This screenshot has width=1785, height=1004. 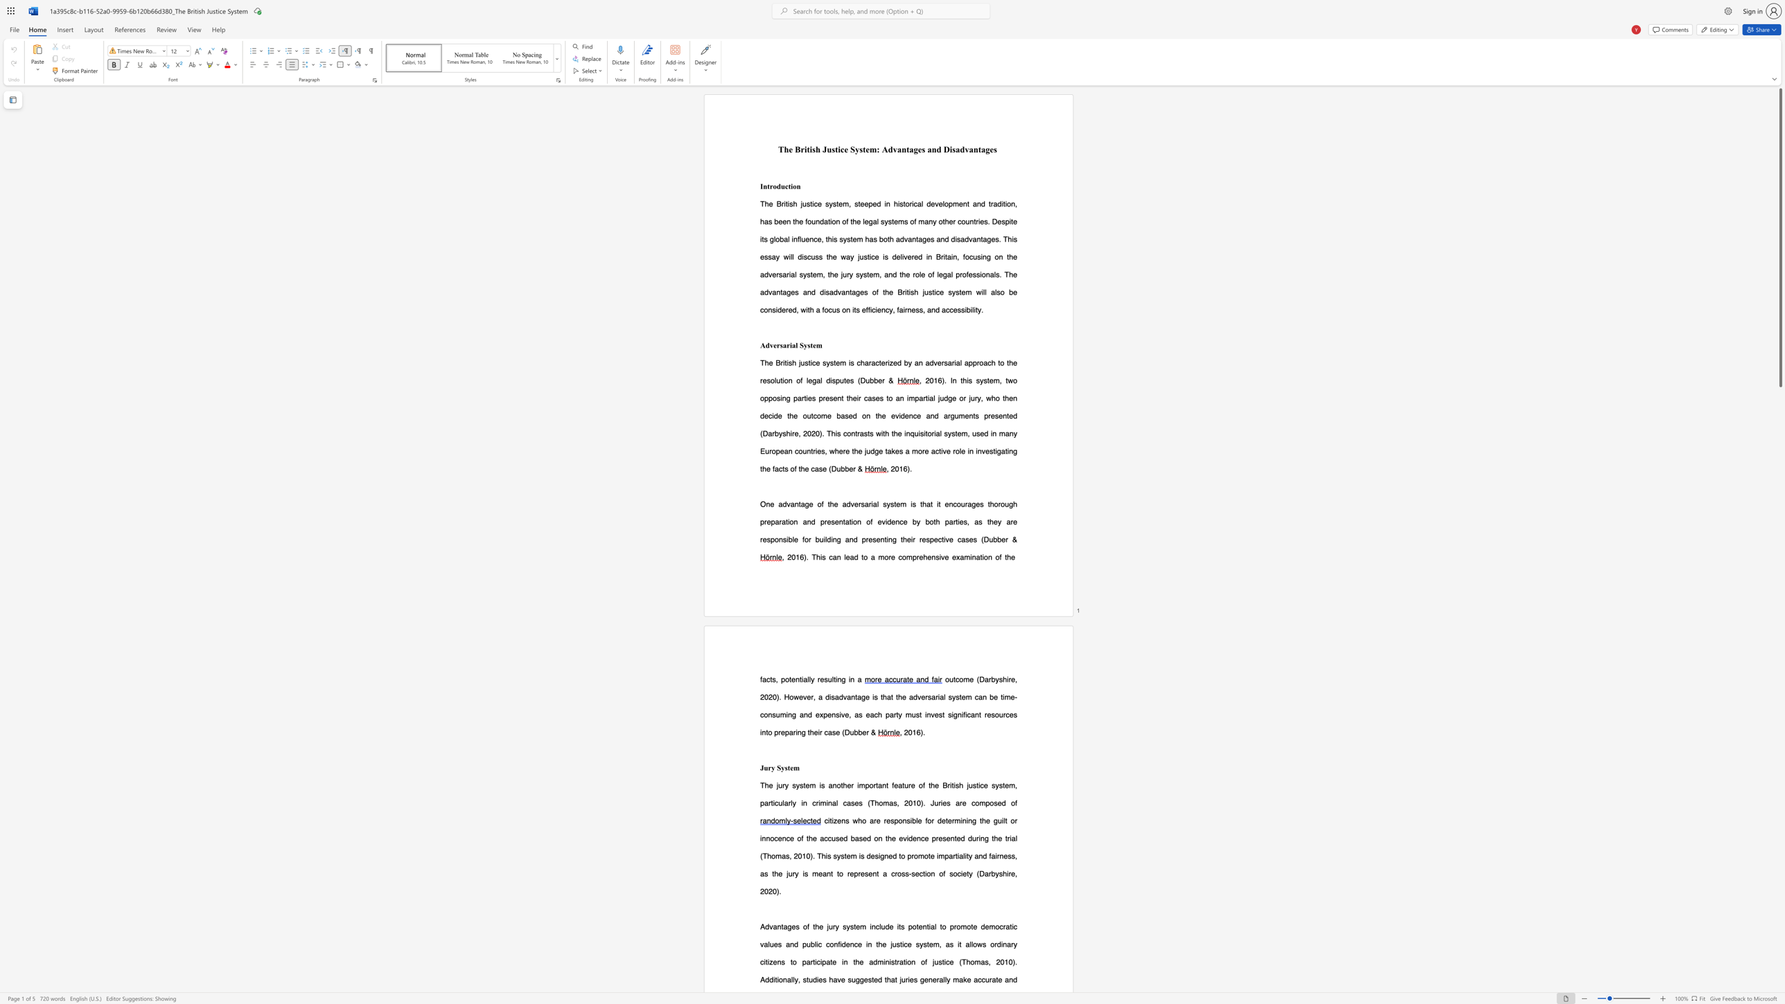 I want to click on the 1th character "b" in the text, so click(x=855, y=731).